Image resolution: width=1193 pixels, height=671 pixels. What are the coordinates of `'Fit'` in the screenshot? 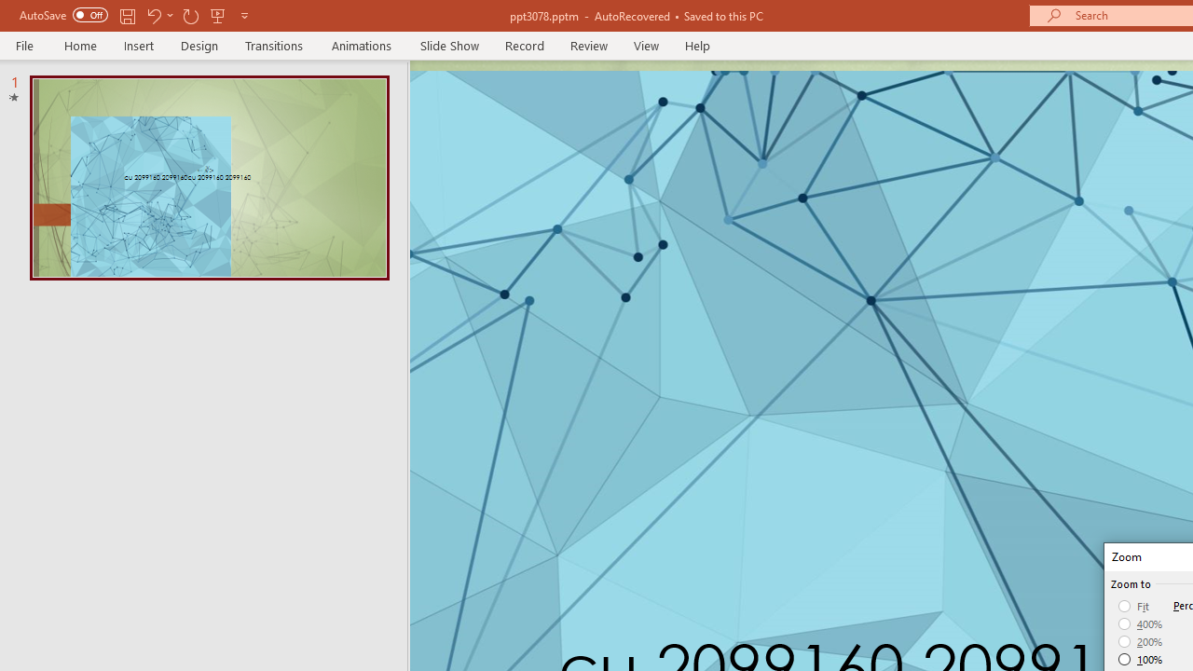 It's located at (1133, 606).